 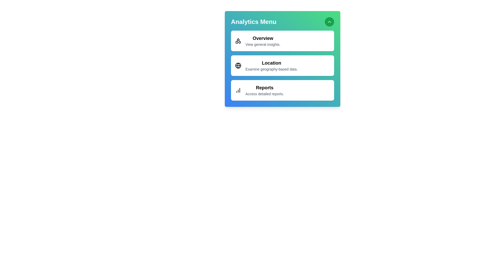 I want to click on the icon associated with Location to perform its action, so click(x=238, y=65).